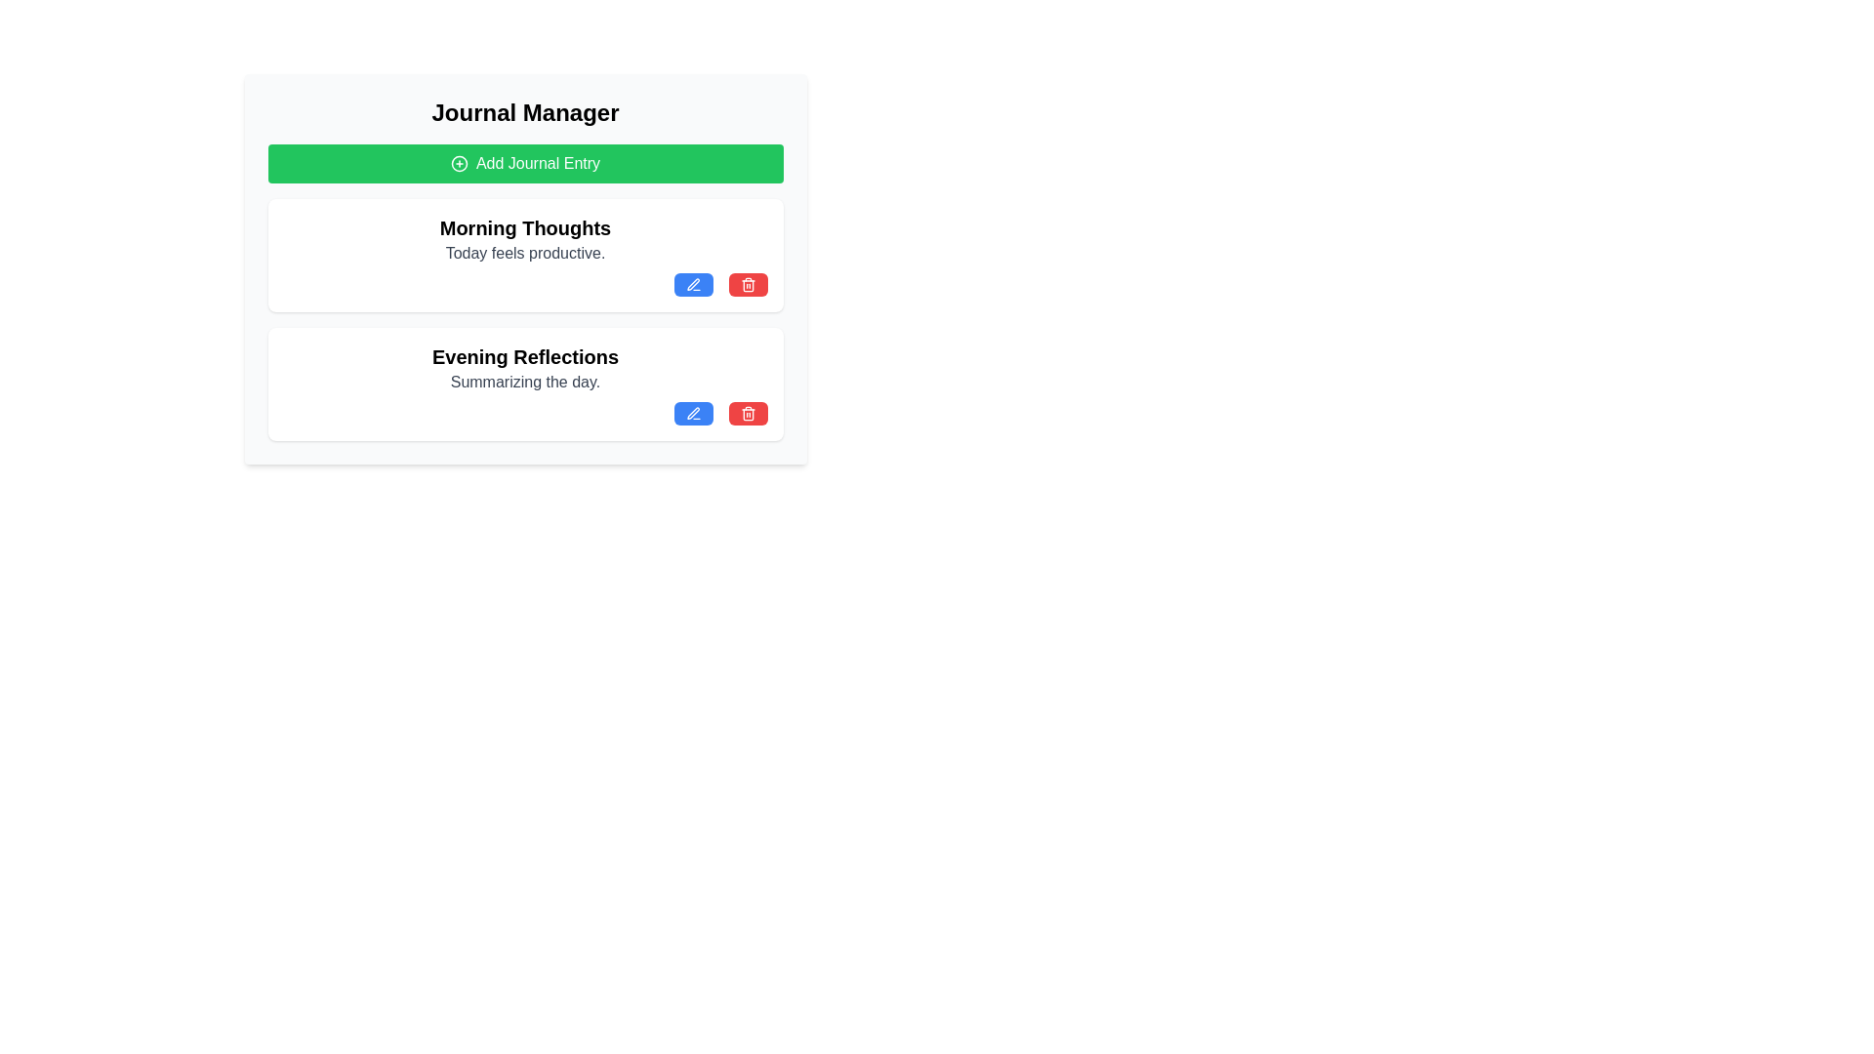 The height and width of the screenshot is (1054, 1874). Describe the element at coordinates (693, 413) in the screenshot. I see `the button with a pen icon, which is the leftmost button in the set associated with the 'Evening Reflections' journal entry` at that location.